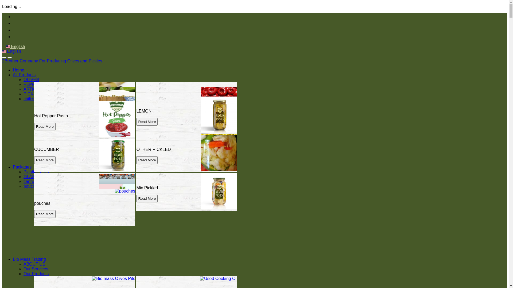  What do you see at coordinates (45, 112) in the screenshot?
I see `'Read More'` at bounding box center [45, 112].